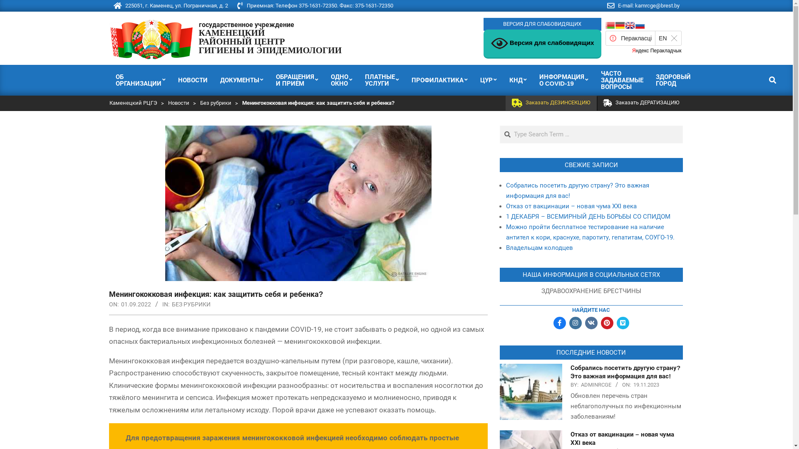 This screenshot has width=799, height=449. What do you see at coordinates (630, 25) in the screenshot?
I see `'English'` at bounding box center [630, 25].